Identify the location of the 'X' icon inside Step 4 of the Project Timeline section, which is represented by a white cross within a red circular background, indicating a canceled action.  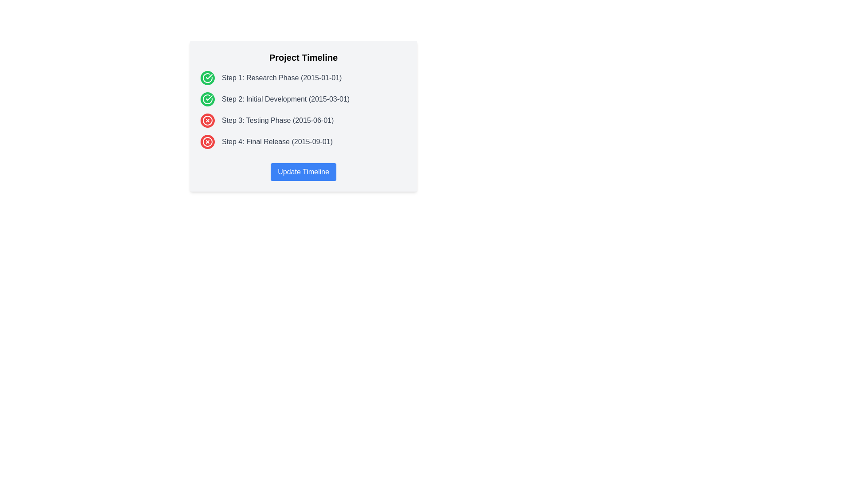
(207, 121).